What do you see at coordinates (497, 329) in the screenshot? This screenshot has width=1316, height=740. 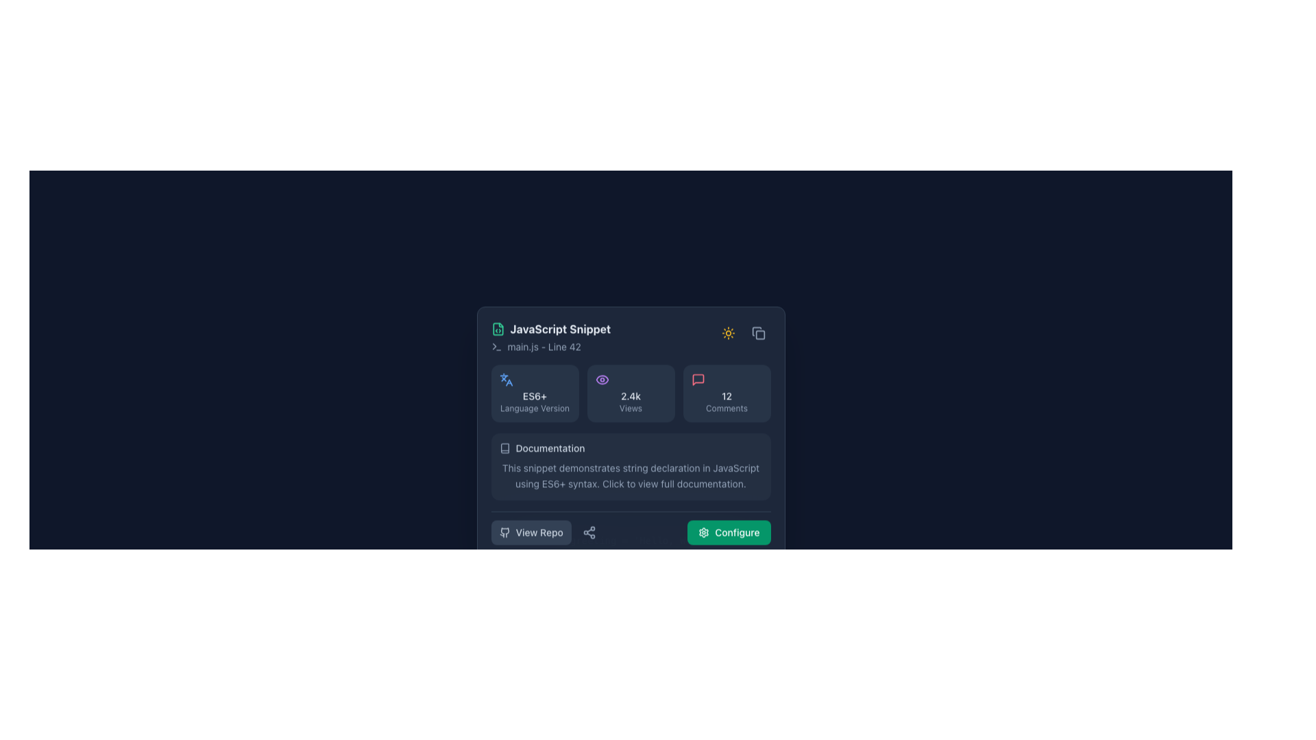 I see `the leftmost and largest segment of the SVG file code icon, which is a decorative non-interactive component with rounded corners and an emerald green theme` at bounding box center [497, 329].